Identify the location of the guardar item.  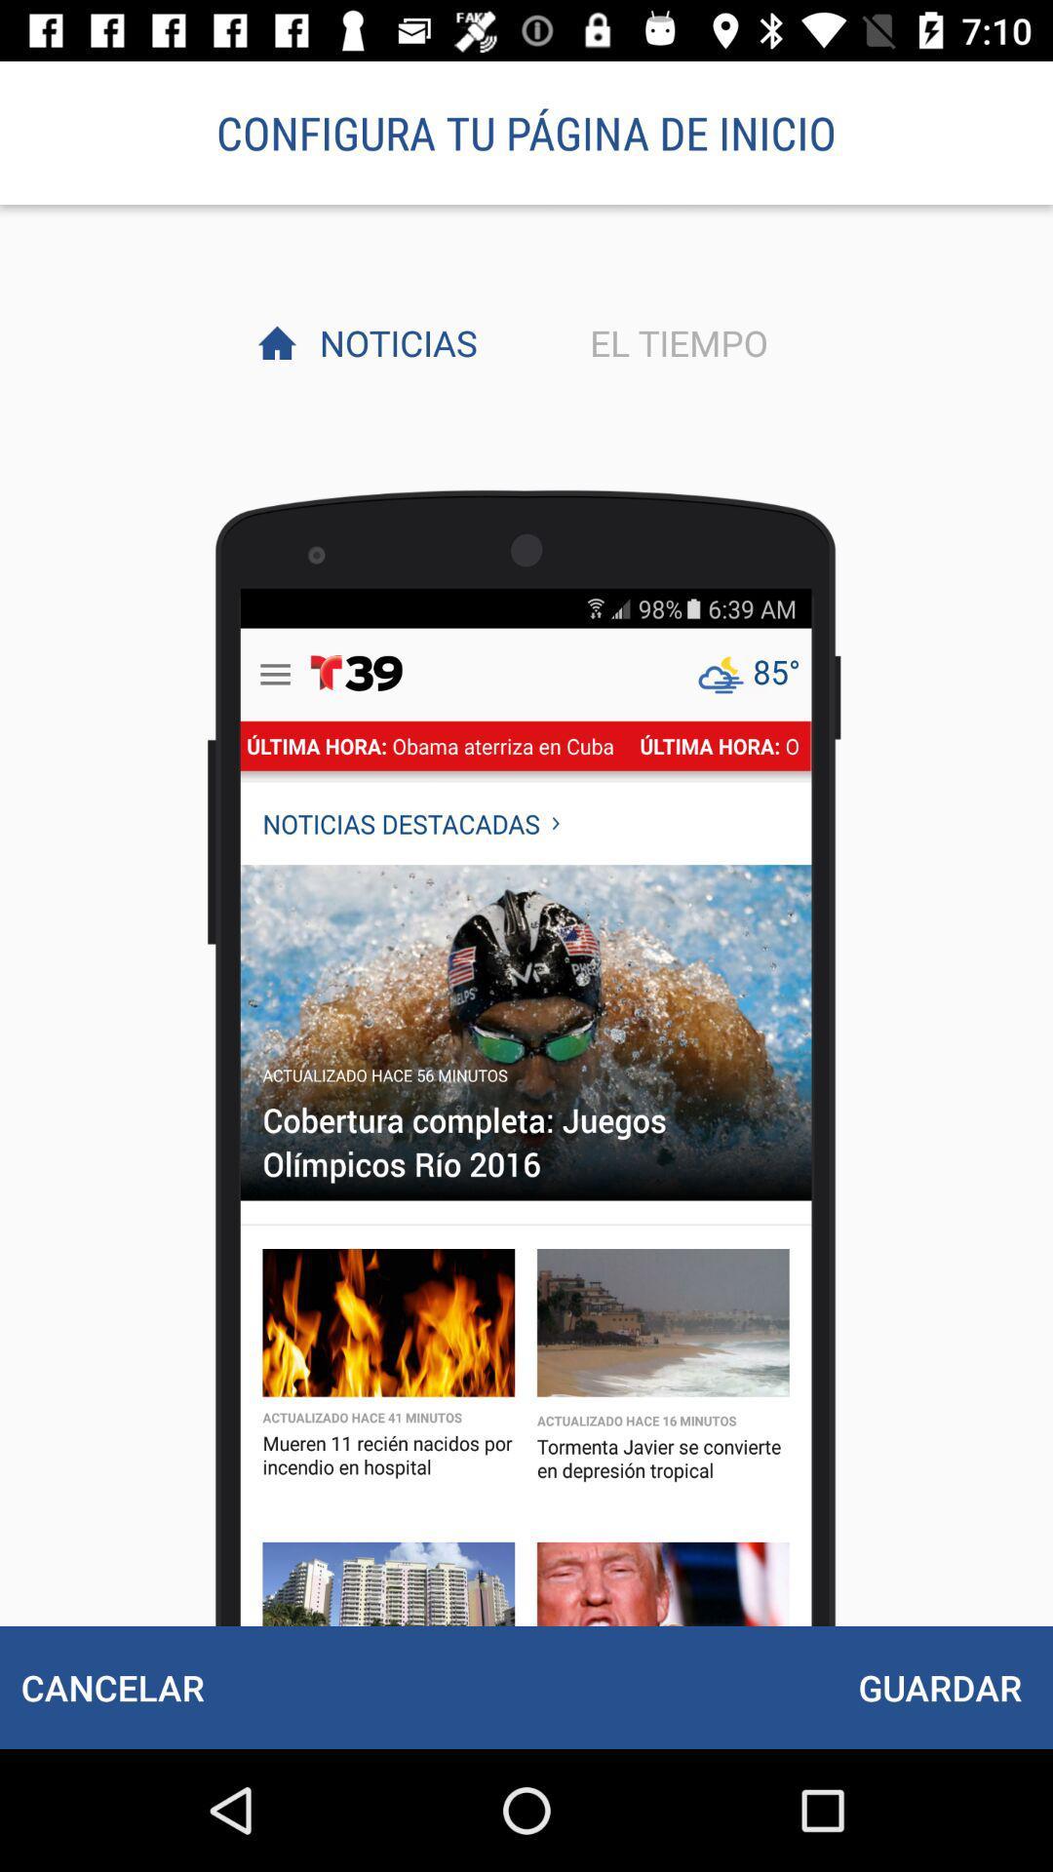
(939, 1687).